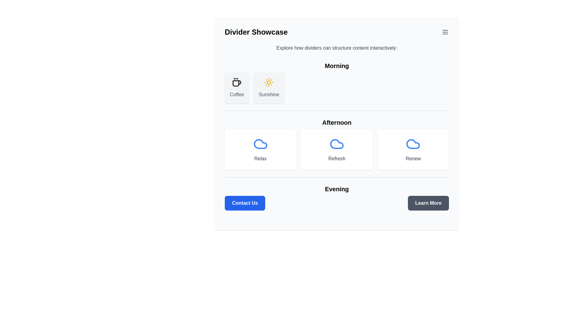  I want to click on the non-interactive text label or heading that serves as a contextual title above the 'Contact Us' and 'Learn More' buttons, so click(336, 189).